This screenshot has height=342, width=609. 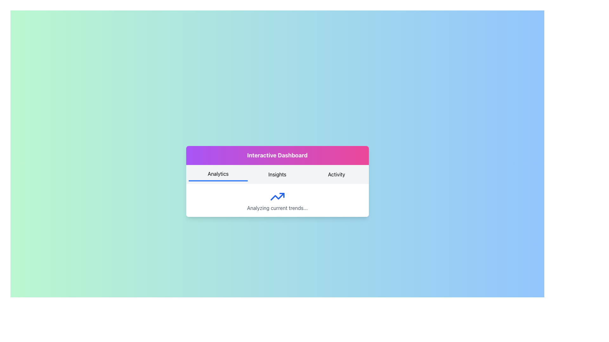 What do you see at coordinates (277, 181) in the screenshot?
I see `the 'Insights' tab button in the horizontal navigation bar of the 'Interactive Dashboard'` at bounding box center [277, 181].